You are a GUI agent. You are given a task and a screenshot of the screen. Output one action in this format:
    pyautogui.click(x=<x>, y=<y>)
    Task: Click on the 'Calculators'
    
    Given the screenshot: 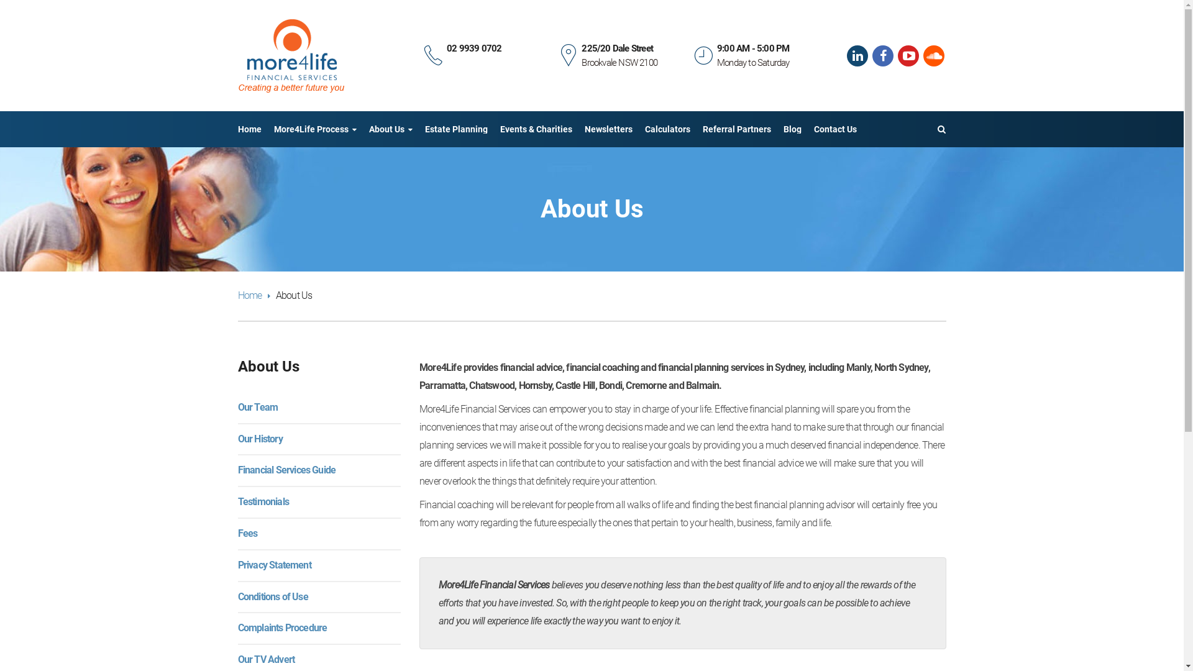 What is the action you would take?
    pyautogui.click(x=667, y=129)
    